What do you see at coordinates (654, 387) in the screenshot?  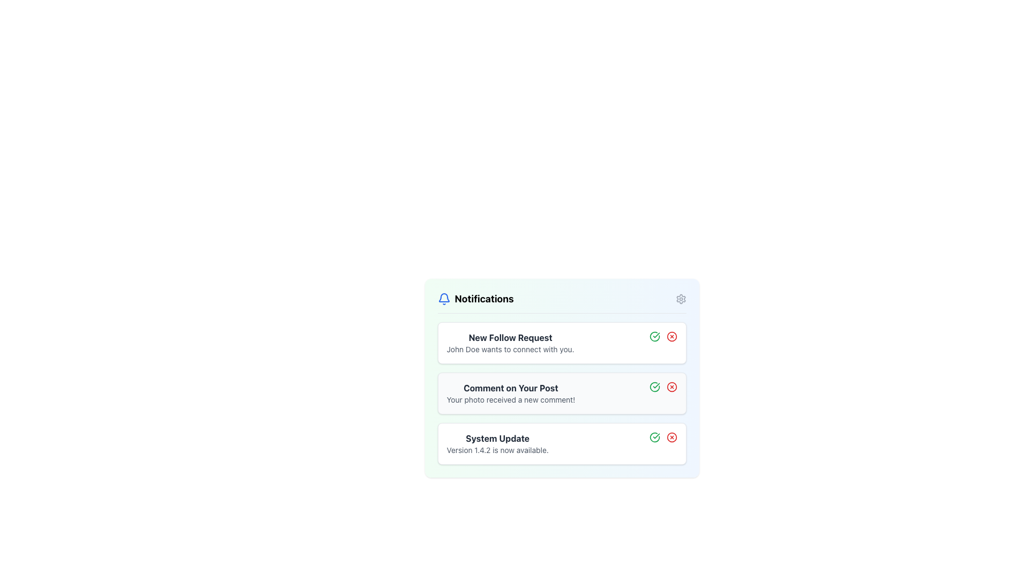 I see `the green circular icon with a checkmark inside, located next to the text 'Comment on Your Post' in the notification list` at bounding box center [654, 387].